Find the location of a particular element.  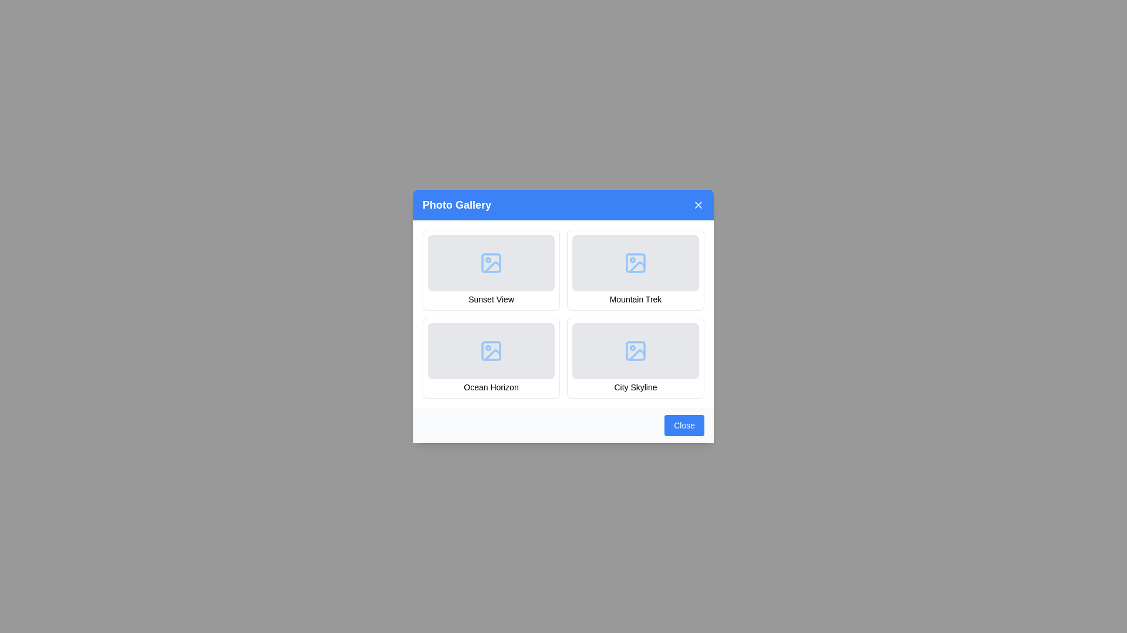

the blue-colored photo icon in the 'City Skyline' section of the 'Photo Gallery' dialog is located at coordinates (635, 350).